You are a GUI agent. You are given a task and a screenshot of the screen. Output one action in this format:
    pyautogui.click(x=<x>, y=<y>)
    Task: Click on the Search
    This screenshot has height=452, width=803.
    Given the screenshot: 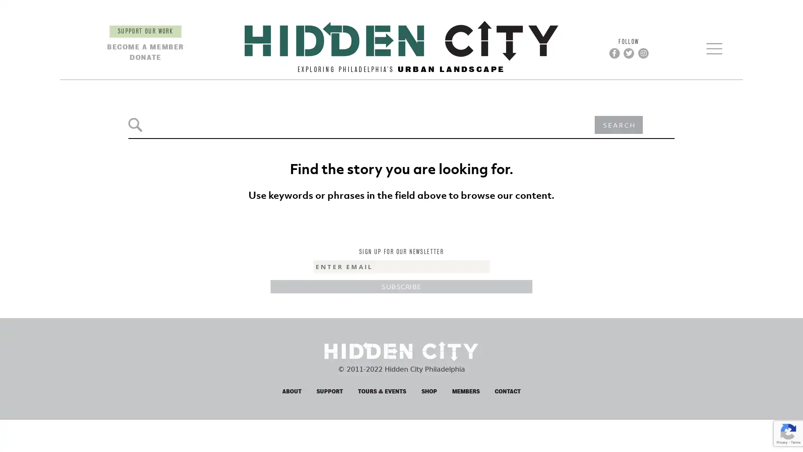 What is the action you would take?
    pyautogui.click(x=135, y=36)
    